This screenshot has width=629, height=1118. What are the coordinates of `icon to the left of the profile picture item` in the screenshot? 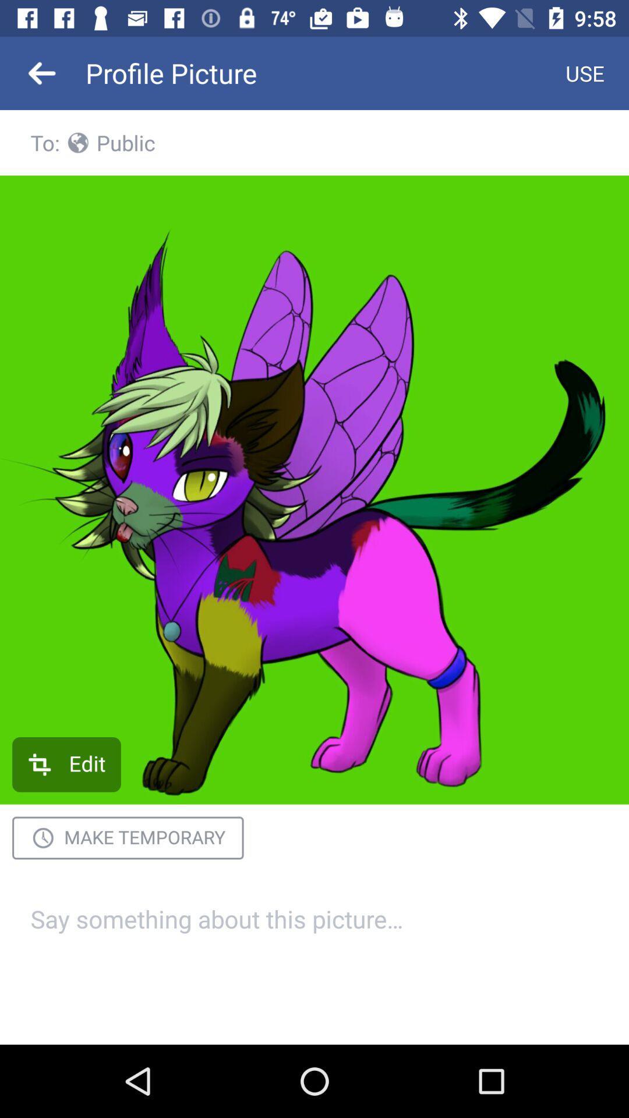 It's located at (42, 72).